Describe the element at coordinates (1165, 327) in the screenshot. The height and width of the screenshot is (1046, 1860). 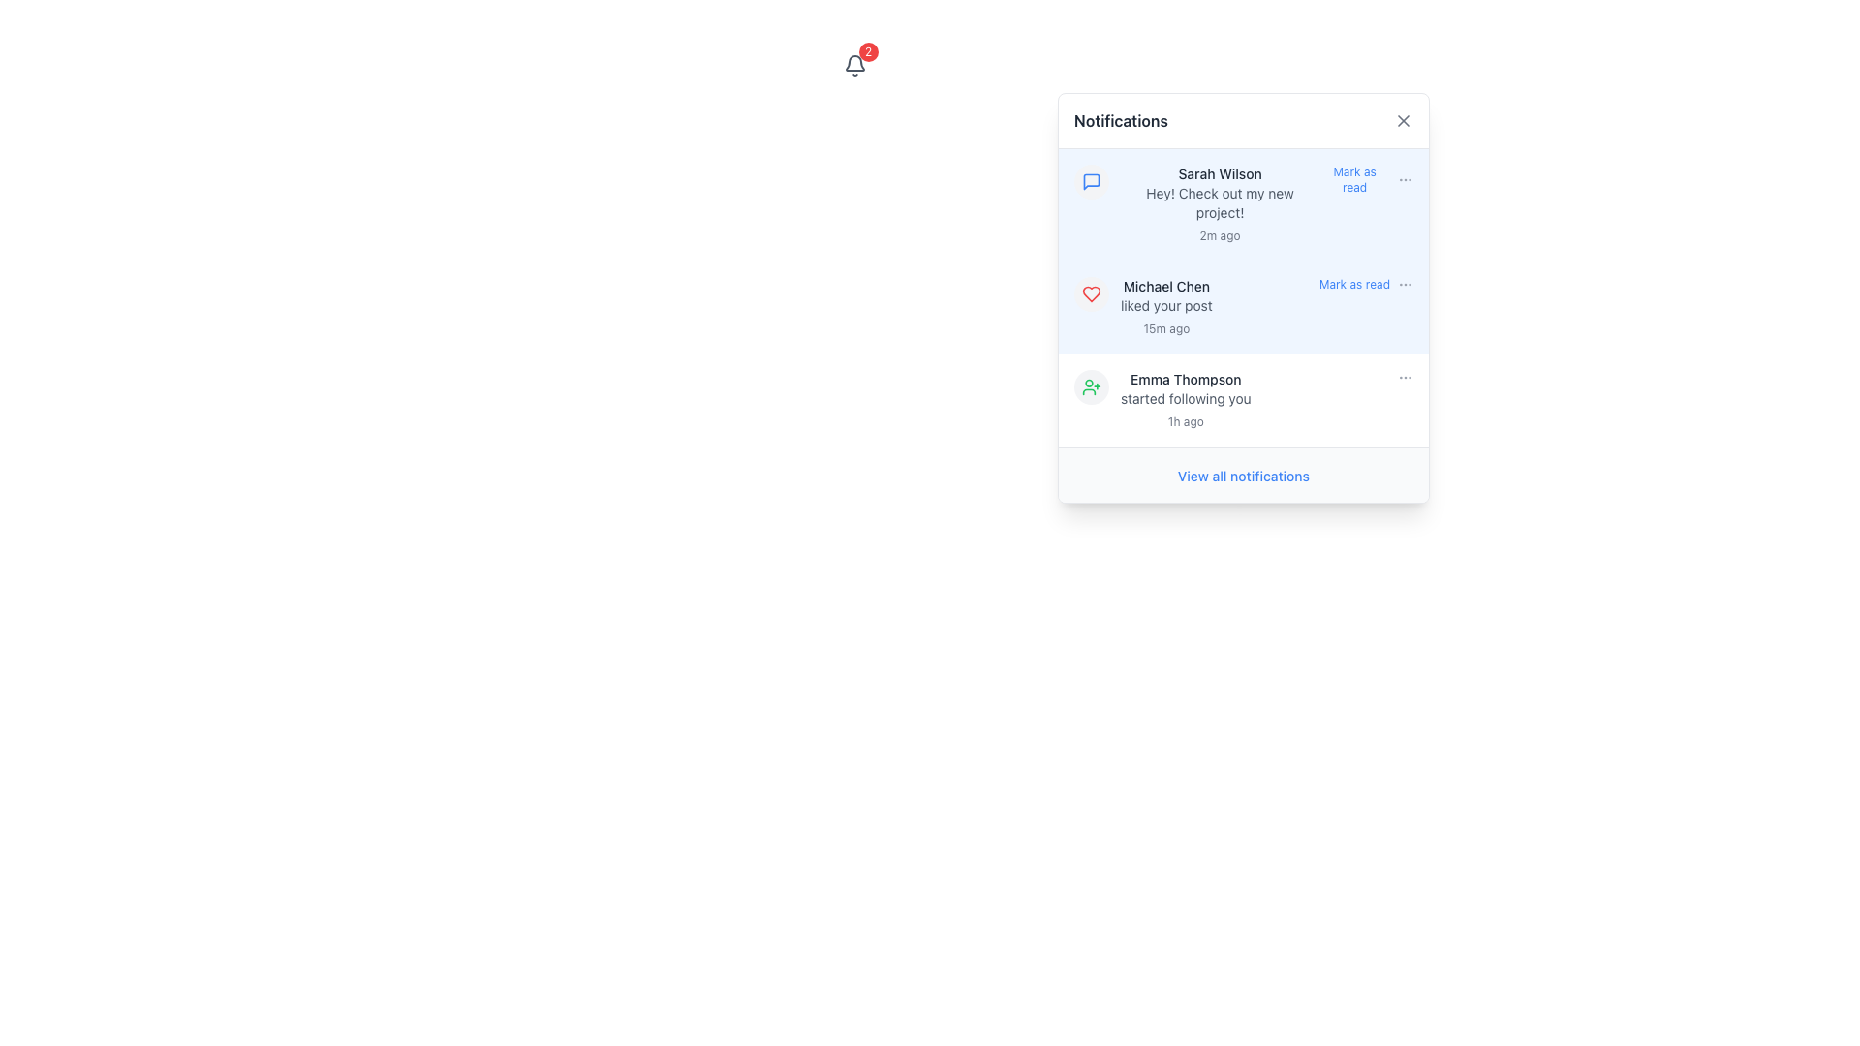
I see `the text label '15m ago' styled in small gray font located at the bottom of the notification card under 'Michael Chen liked your post'` at that location.